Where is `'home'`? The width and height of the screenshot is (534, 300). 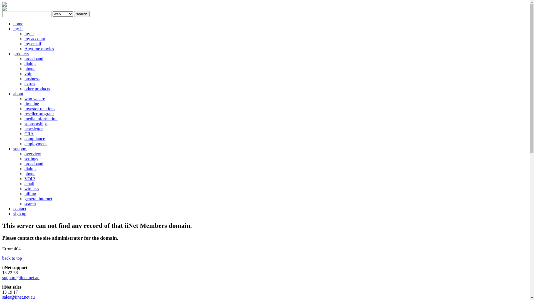 'home' is located at coordinates (18, 23).